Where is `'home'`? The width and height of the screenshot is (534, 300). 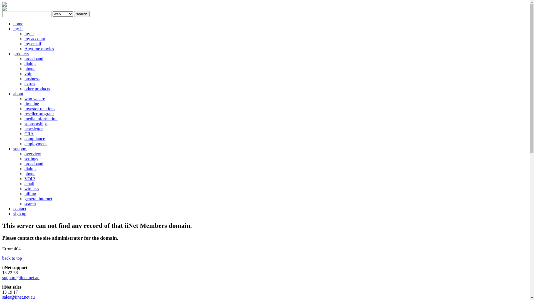 'home' is located at coordinates (18, 23).